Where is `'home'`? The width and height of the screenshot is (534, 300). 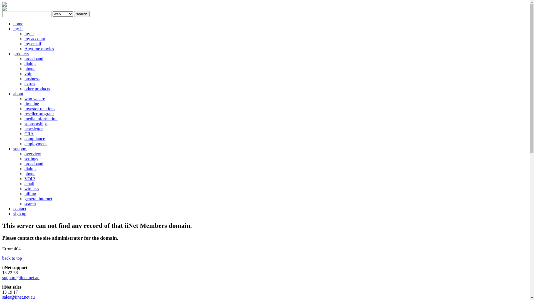 'home' is located at coordinates (18, 23).